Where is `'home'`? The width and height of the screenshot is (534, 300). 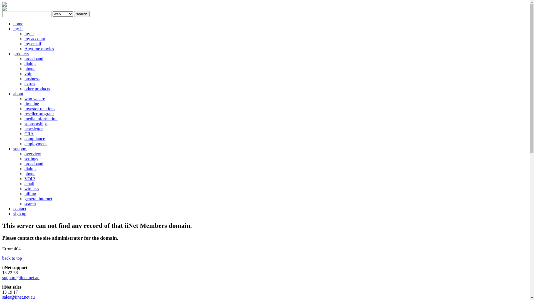 'home' is located at coordinates (18, 23).